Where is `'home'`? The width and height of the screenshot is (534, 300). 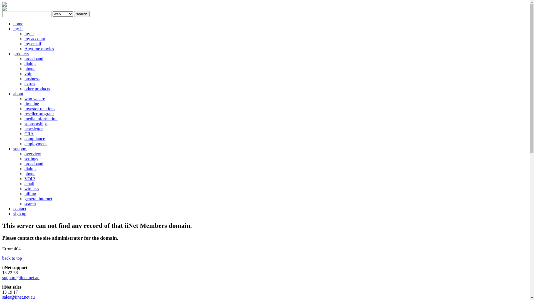 'home' is located at coordinates (18, 23).